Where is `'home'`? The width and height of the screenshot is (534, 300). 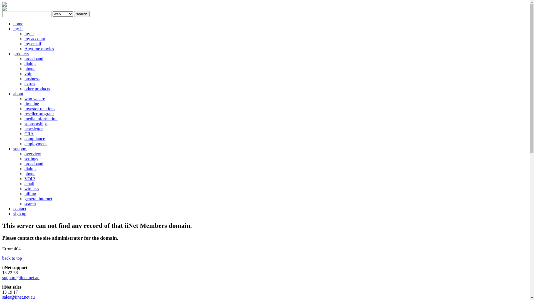 'home' is located at coordinates (18, 23).